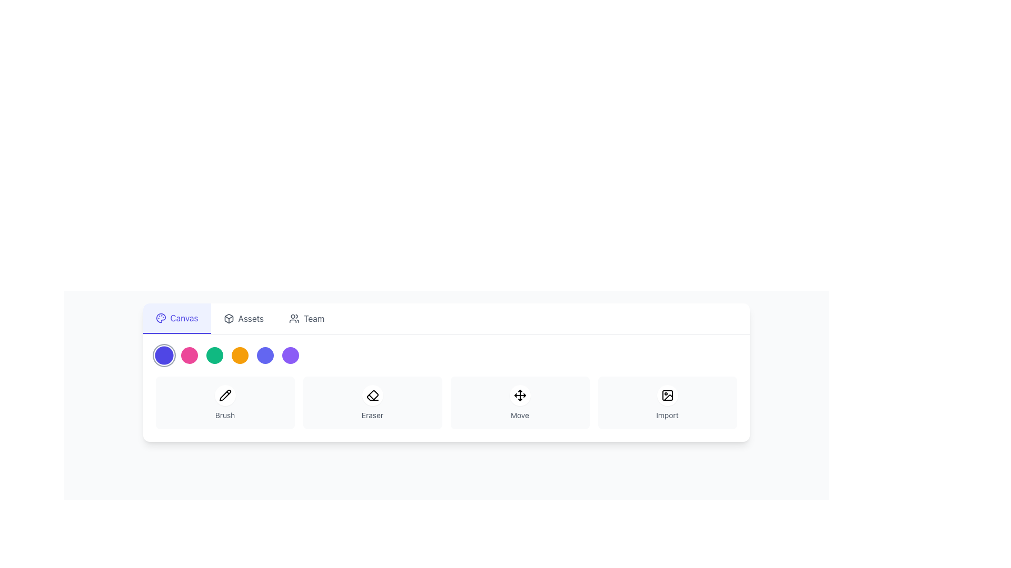 This screenshot has height=568, width=1011. What do you see at coordinates (228, 318) in the screenshot?
I see `the small three-dimensional cube SVG icon` at bounding box center [228, 318].